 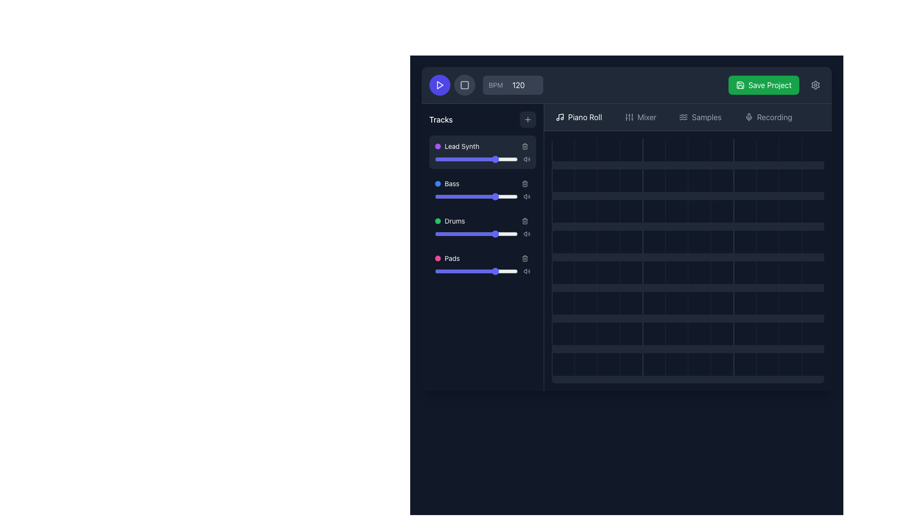 What do you see at coordinates (485, 221) in the screenshot?
I see `the volume for the 'Drums' track` at bounding box center [485, 221].